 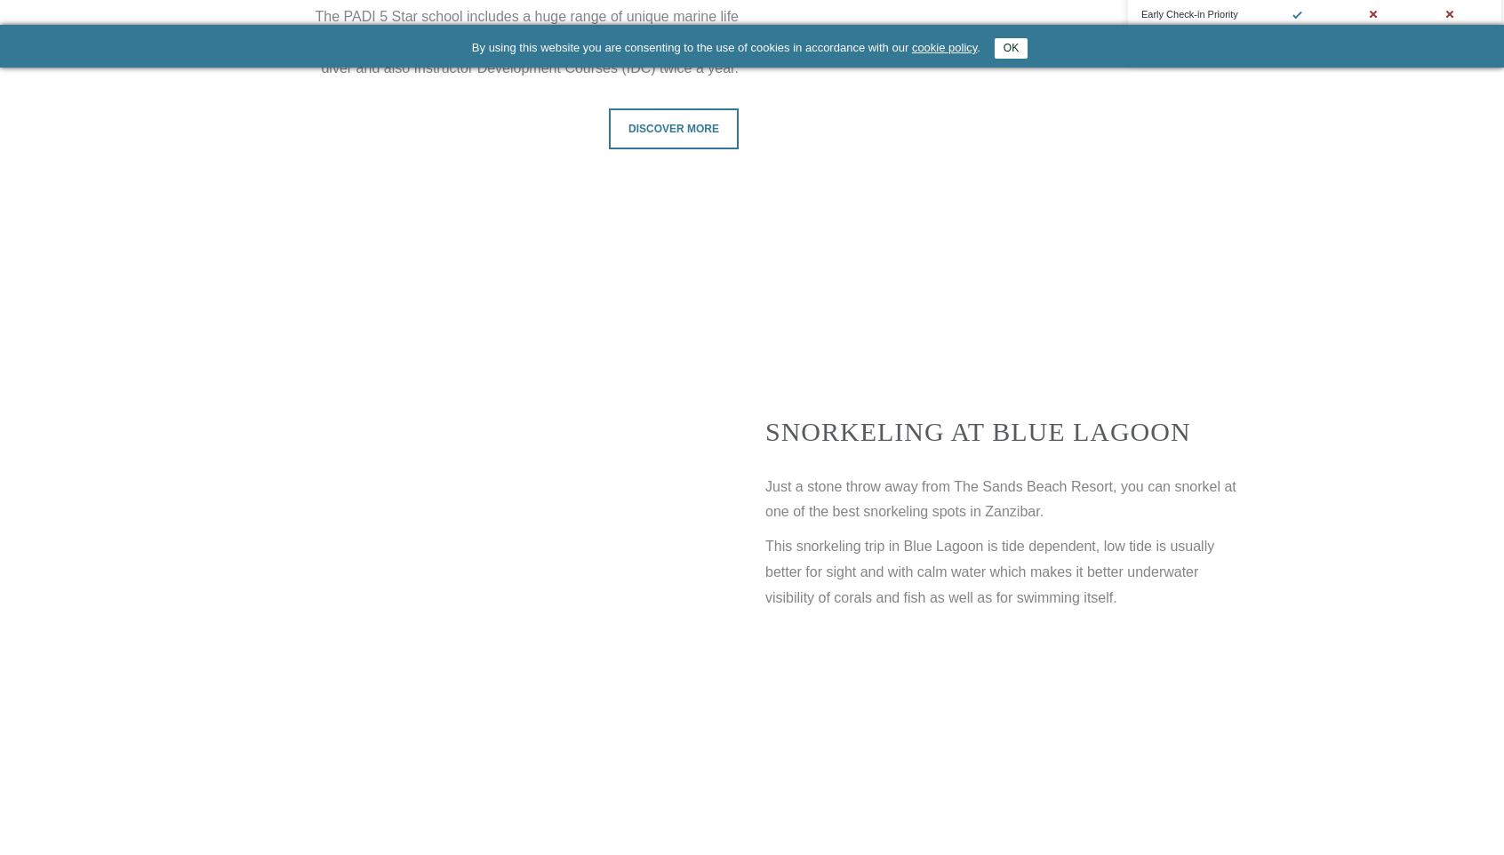 What do you see at coordinates (910, 47) in the screenshot?
I see `'cookie policy'` at bounding box center [910, 47].